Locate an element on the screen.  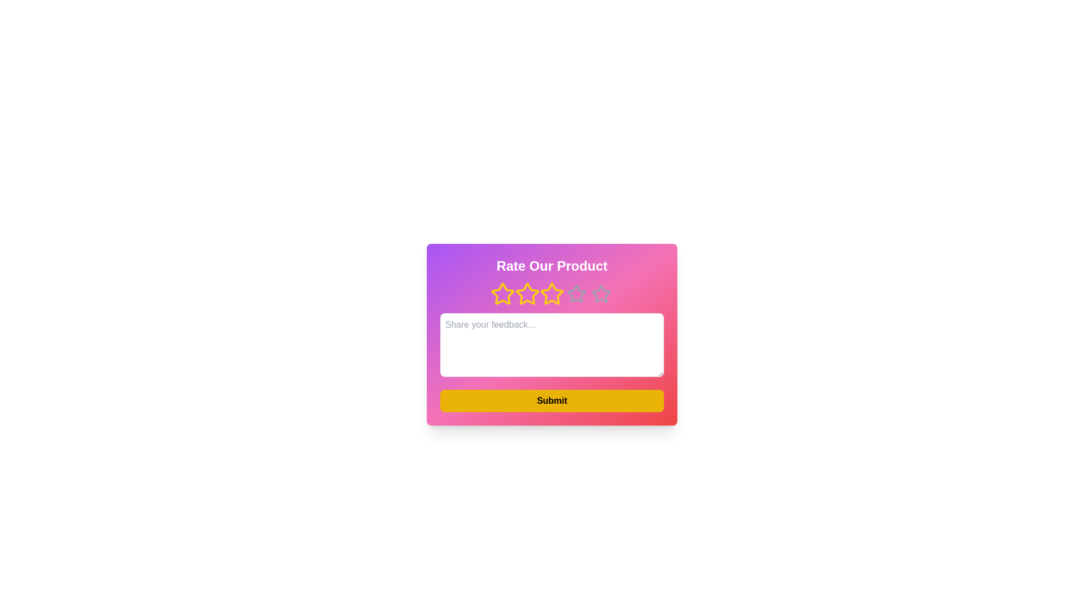
the fourth star icon in the rating component is located at coordinates (577, 293).